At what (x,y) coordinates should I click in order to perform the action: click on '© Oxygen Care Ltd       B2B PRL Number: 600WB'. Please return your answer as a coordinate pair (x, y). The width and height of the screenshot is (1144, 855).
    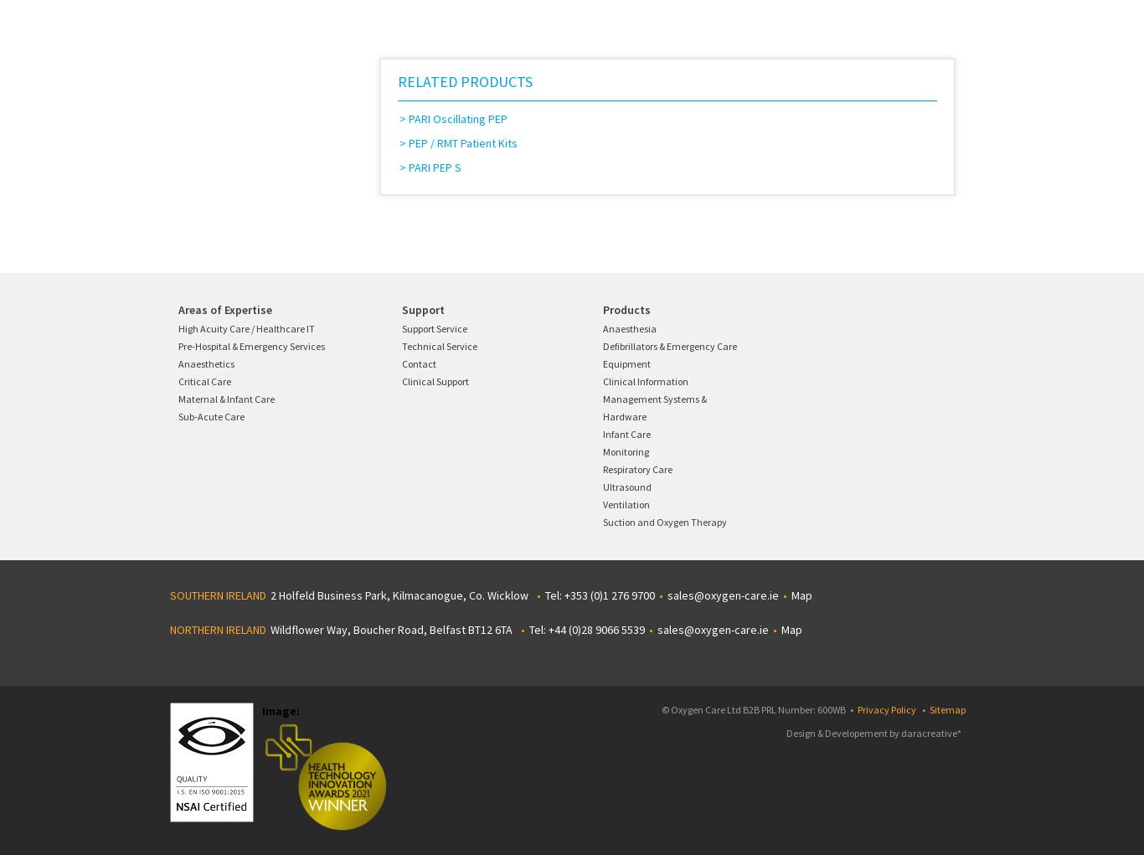
    Looking at the image, I should click on (753, 709).